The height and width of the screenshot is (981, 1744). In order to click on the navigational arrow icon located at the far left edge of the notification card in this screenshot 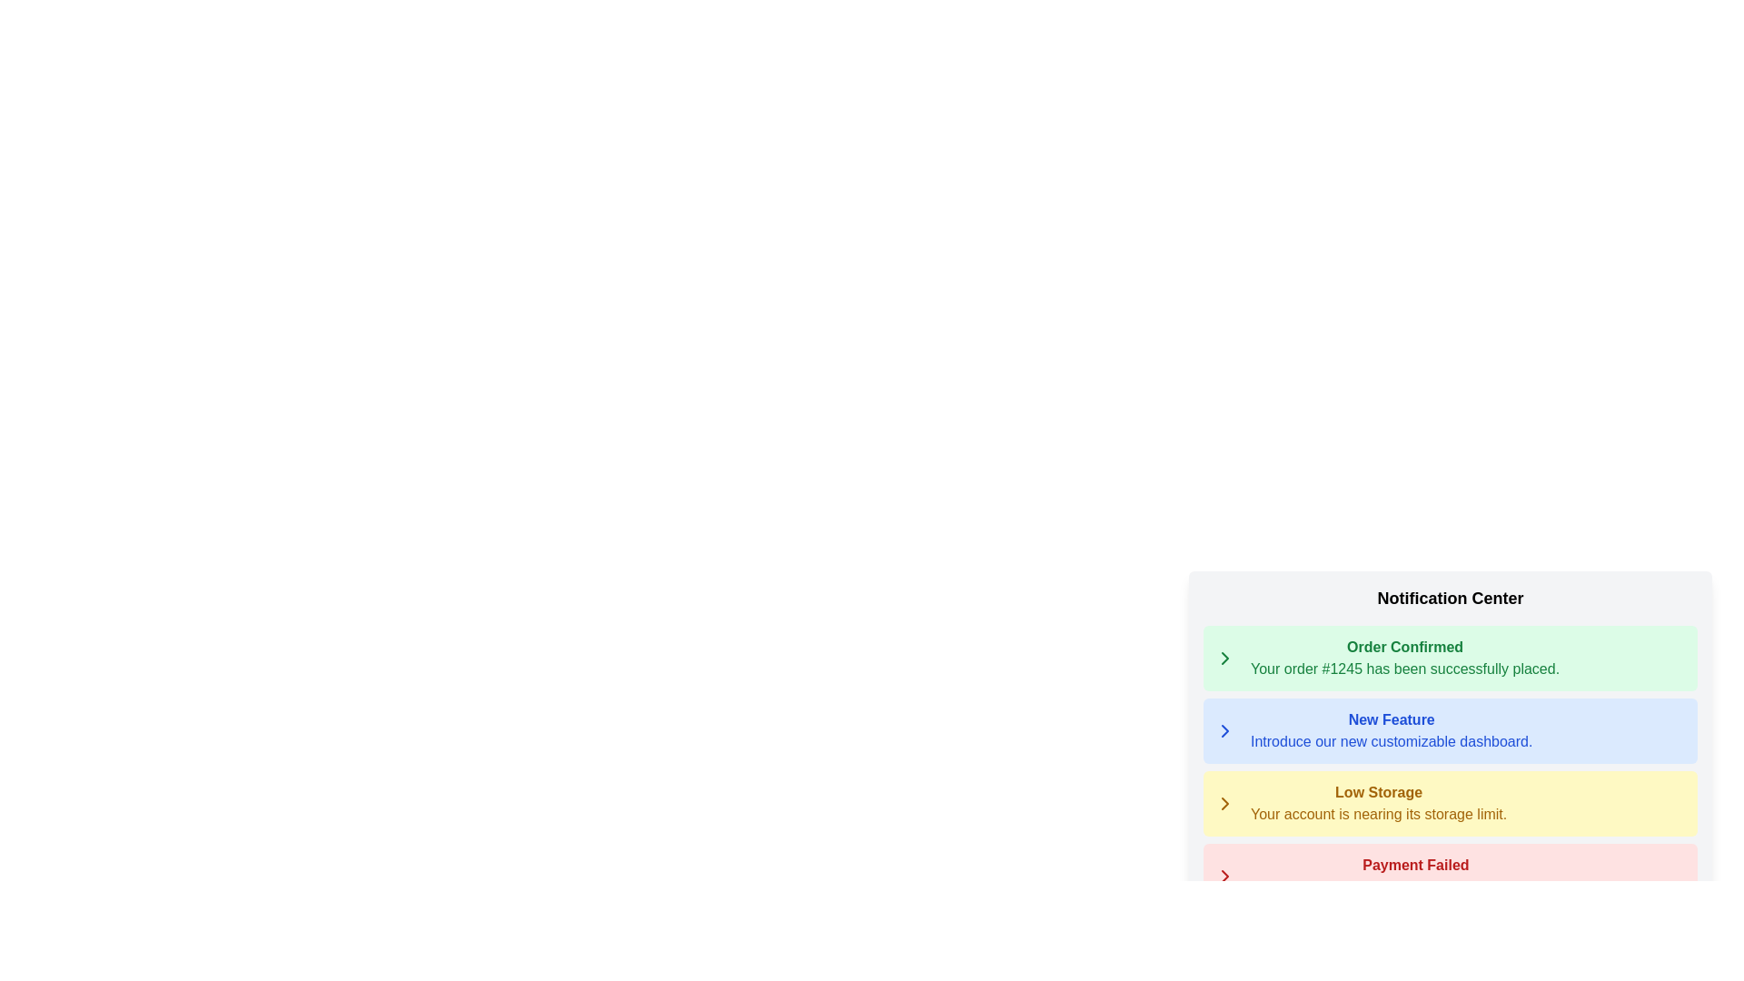, I will do `click(1224, 659)`.